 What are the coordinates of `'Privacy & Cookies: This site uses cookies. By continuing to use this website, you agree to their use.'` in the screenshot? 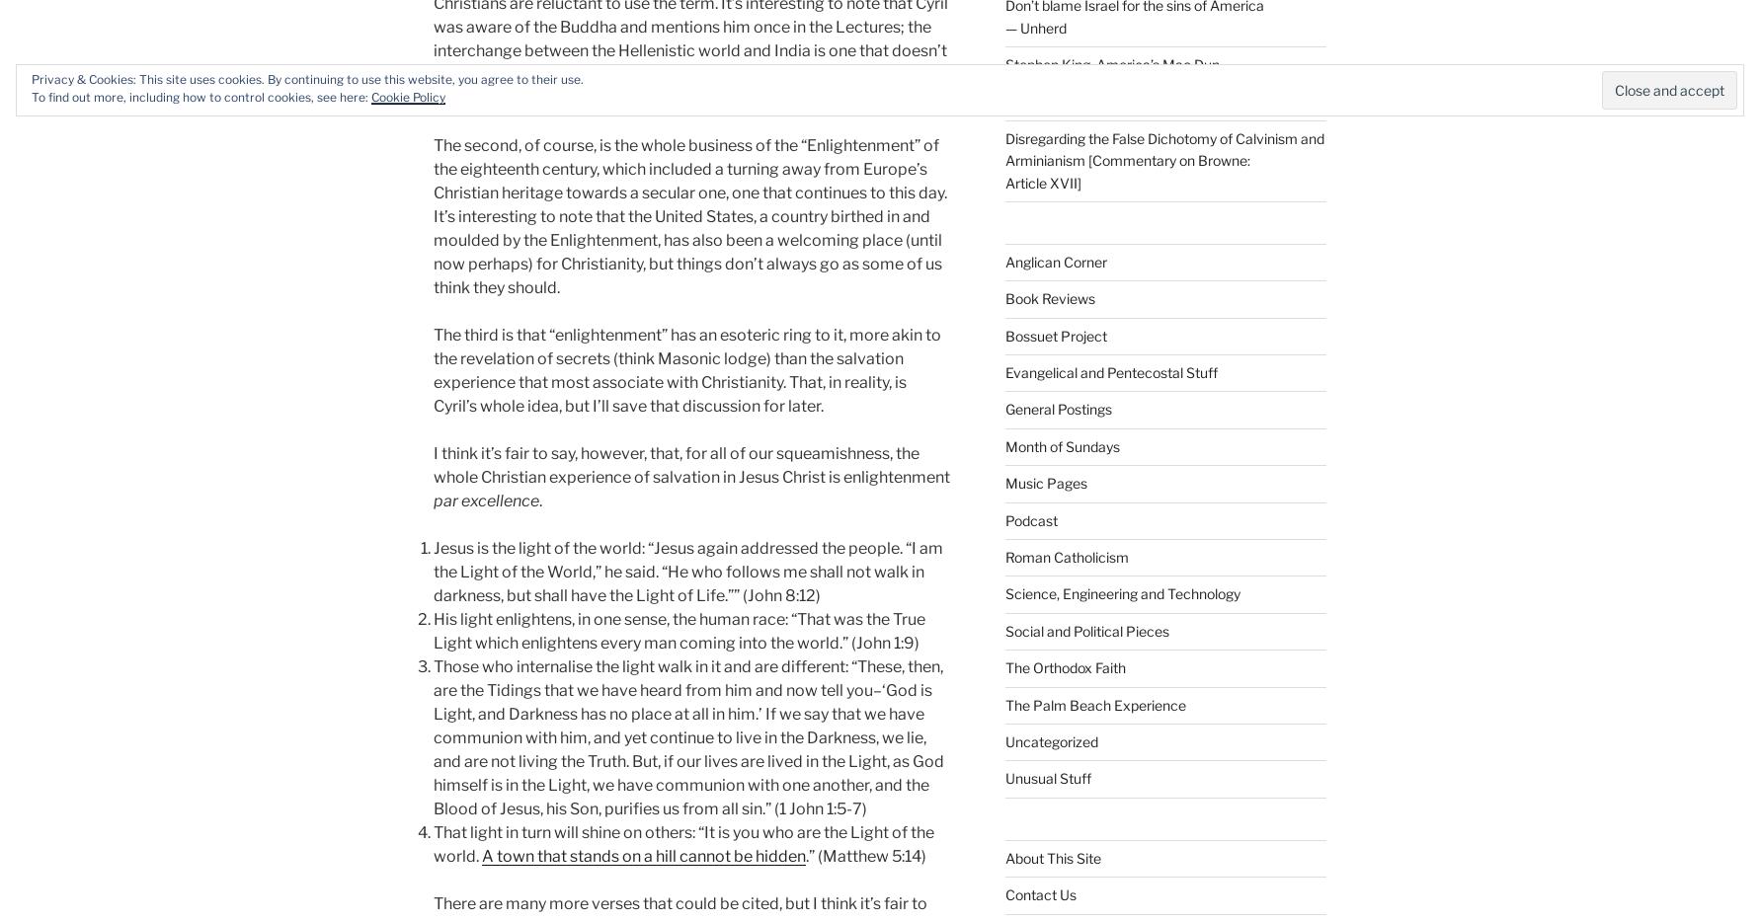 It's located at (306, 79).